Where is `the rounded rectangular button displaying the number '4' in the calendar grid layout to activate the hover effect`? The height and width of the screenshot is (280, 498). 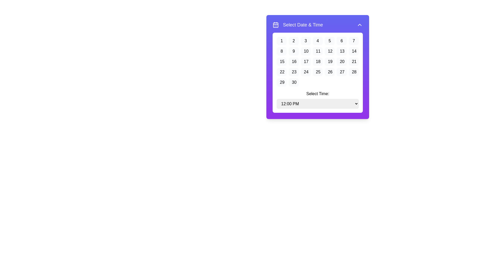
the rounded rectangular button displaying the number '4' in the calendar grid layout to activate the hover effect is located at coordinates (317, 41).